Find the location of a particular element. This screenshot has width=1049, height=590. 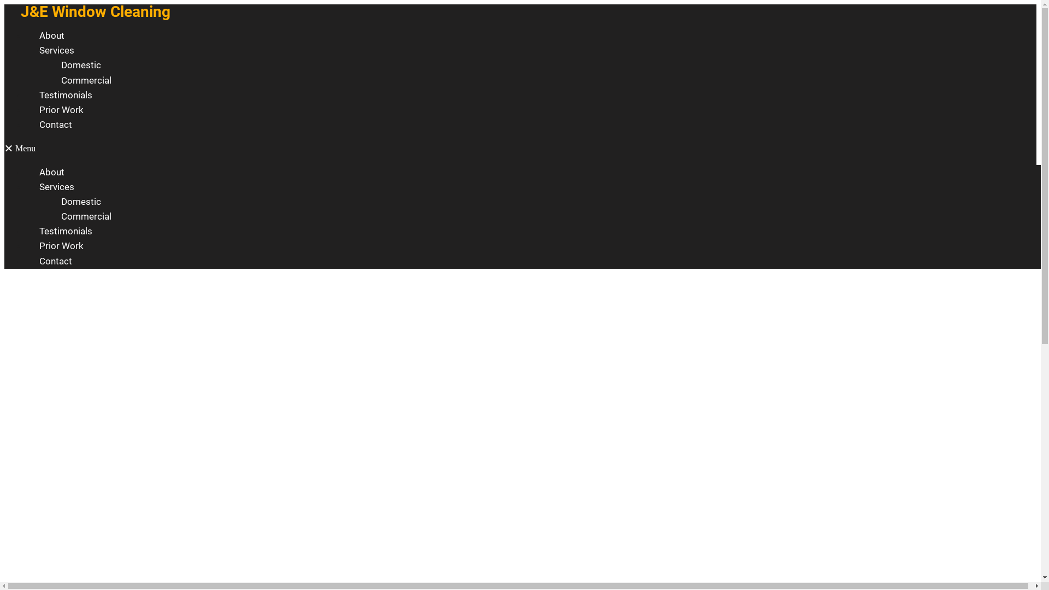

'About' is located at coordinates (51, 35).